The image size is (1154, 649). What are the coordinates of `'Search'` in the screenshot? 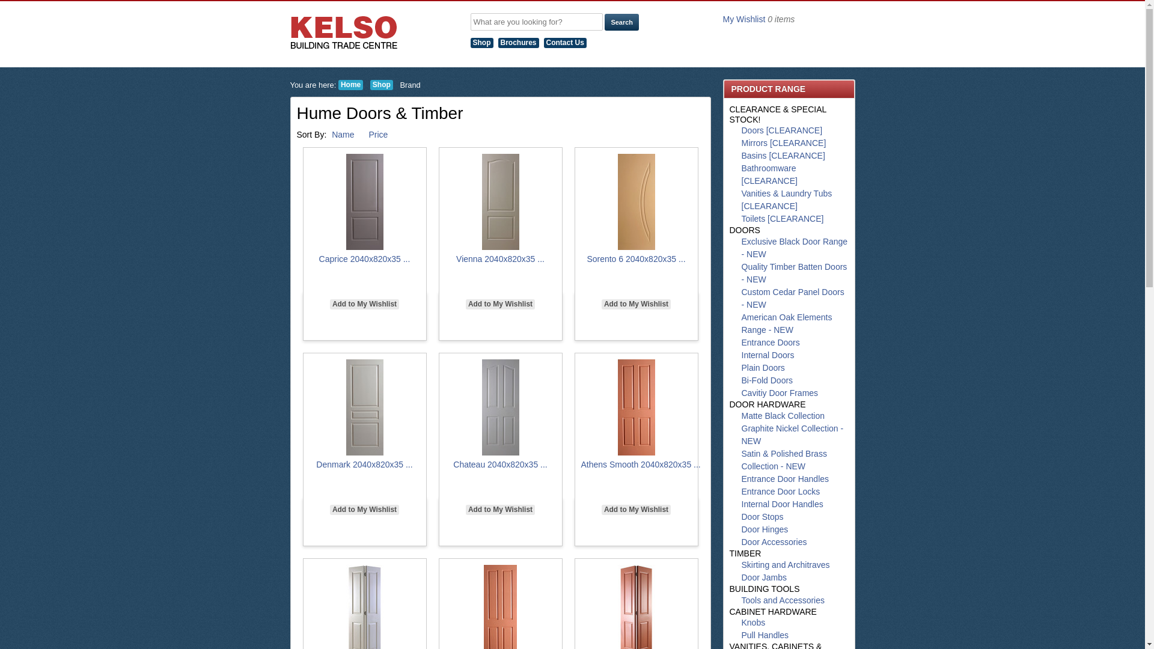 It's located at (621, 22).